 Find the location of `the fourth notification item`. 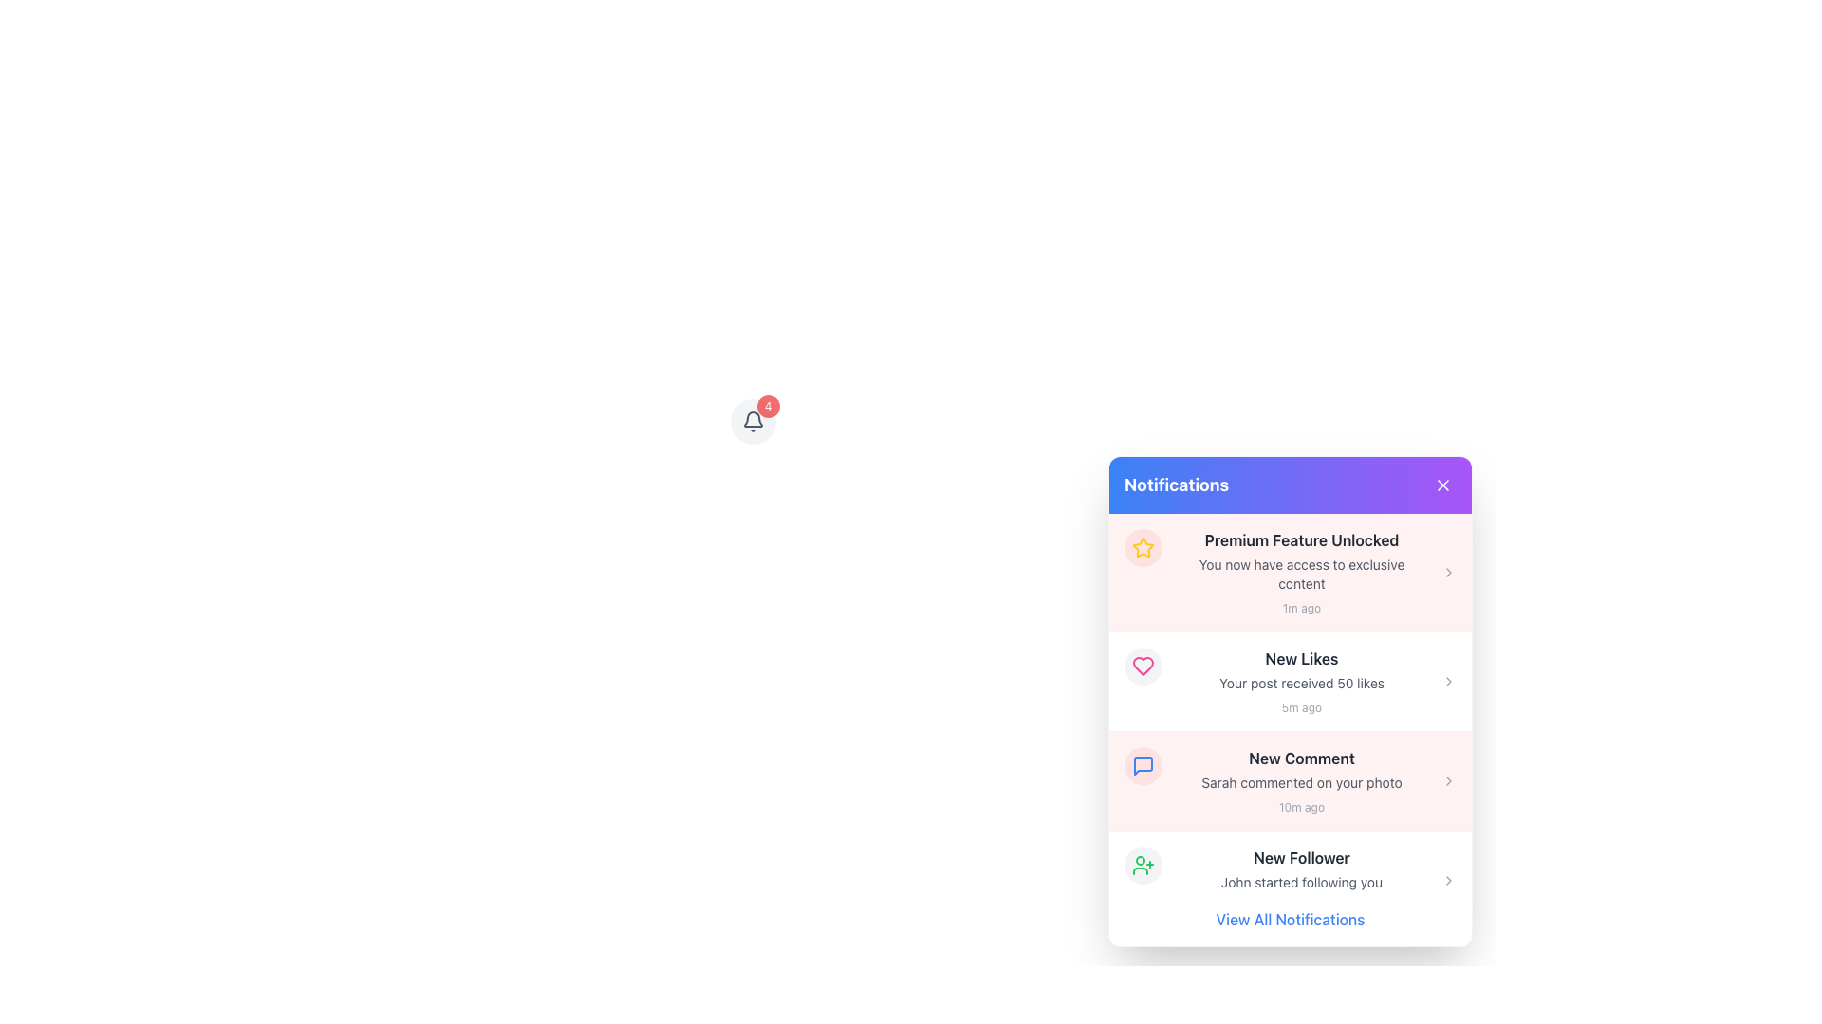

the fourth notification item is located at coordinates (1290, 881).